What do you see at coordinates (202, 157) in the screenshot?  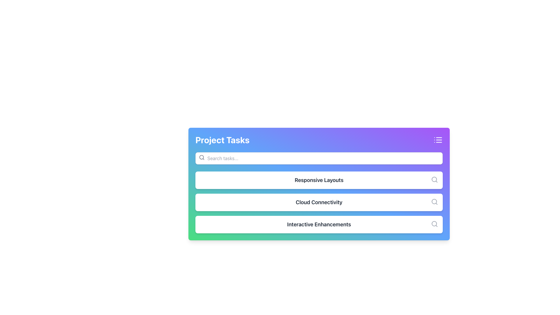 I see `the input field adjacent to the search icon represented by a gray magnifying glass symbol located on the left side of the rectangular search field` at bounding box center [202, 157].